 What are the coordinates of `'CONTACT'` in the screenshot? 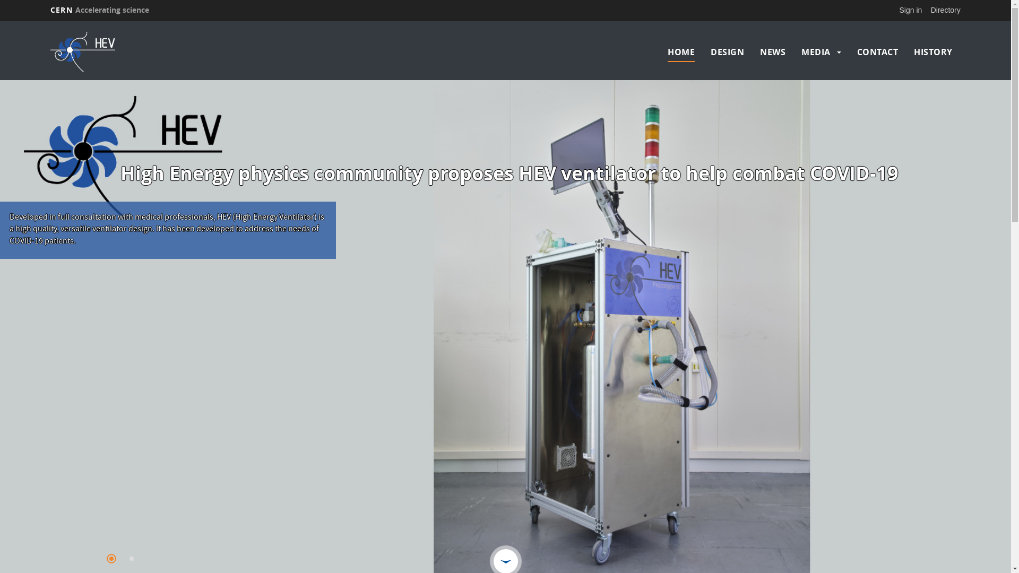 It's located at (878, 51).